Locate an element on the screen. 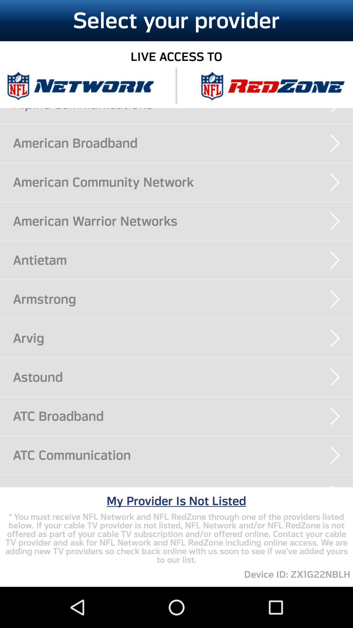  the american community network app is located at coordinates (183, 182).